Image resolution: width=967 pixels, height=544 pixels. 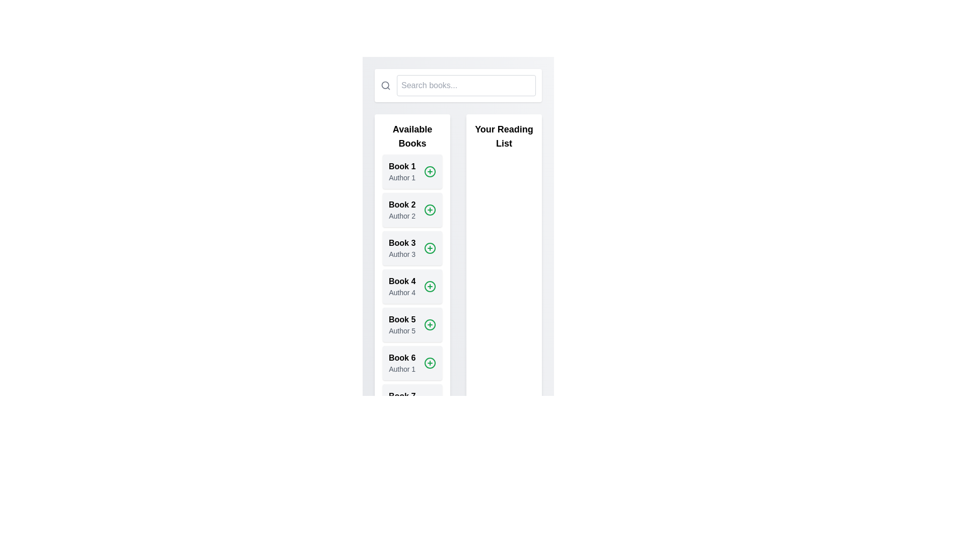 What do you see at coordinates (430, 287) in the screenshot?
I see `the green circular button with a white plus sign next to the text 'Book 4' under the 'Available Books' section` at bounding box center [430, 287].